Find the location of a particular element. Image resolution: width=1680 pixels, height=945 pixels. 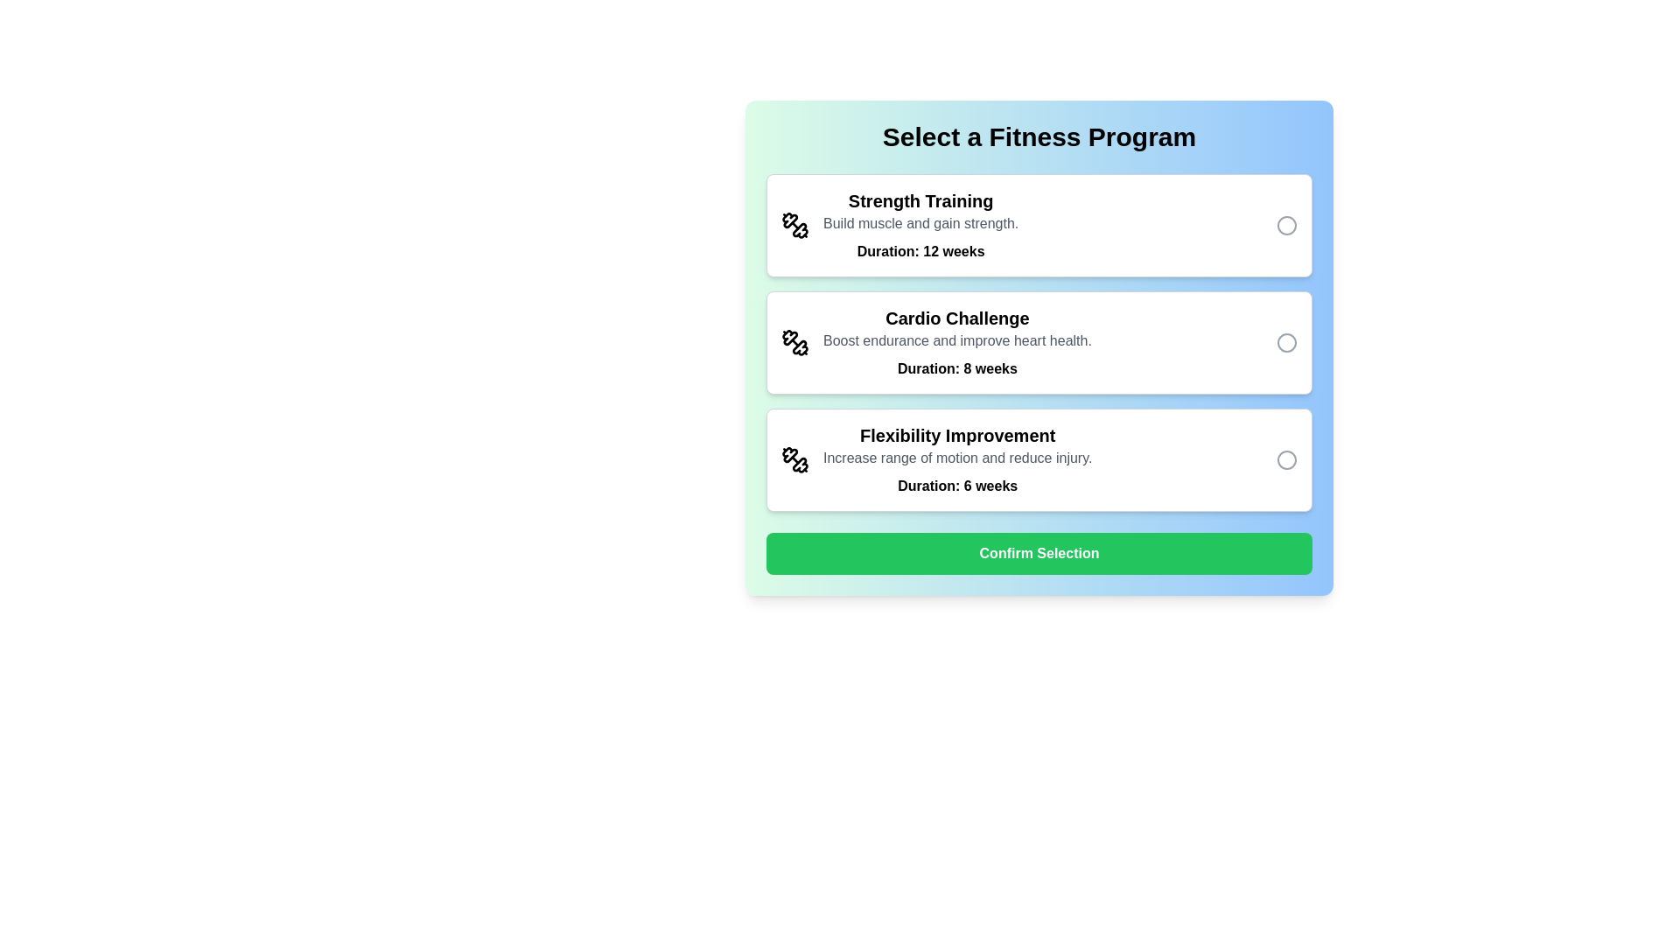

to select the 'Cardio Challenge' fitness program card, which is the second selectable card in the vertical list, positioned between 'Strength Training' and 'Flexibility Improvement' is located at coordinates (1039, 343).